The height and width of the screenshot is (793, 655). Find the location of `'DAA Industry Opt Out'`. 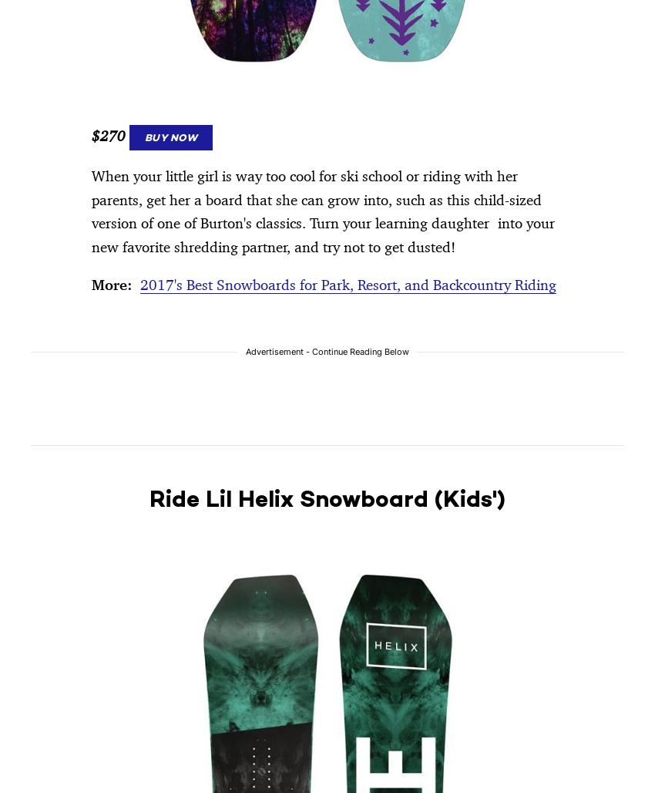

'DAA Industry Opt Out' is located at coordinates (504, 175).